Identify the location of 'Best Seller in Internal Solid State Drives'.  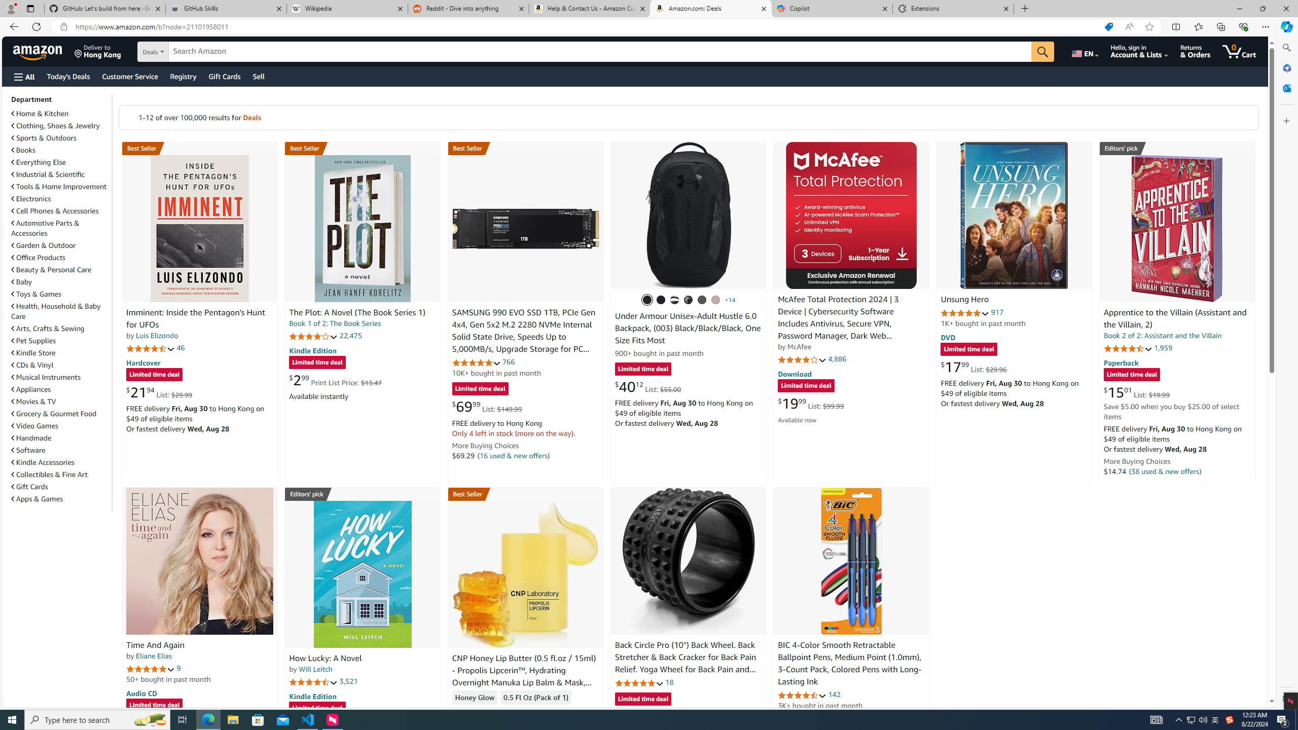
(525, 148).